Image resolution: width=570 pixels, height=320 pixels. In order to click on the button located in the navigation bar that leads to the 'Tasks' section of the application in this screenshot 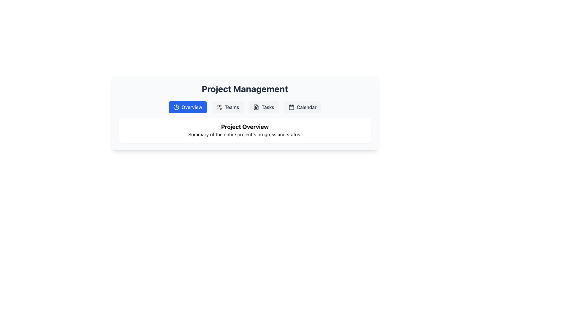, I will do `click(263, 107)`.